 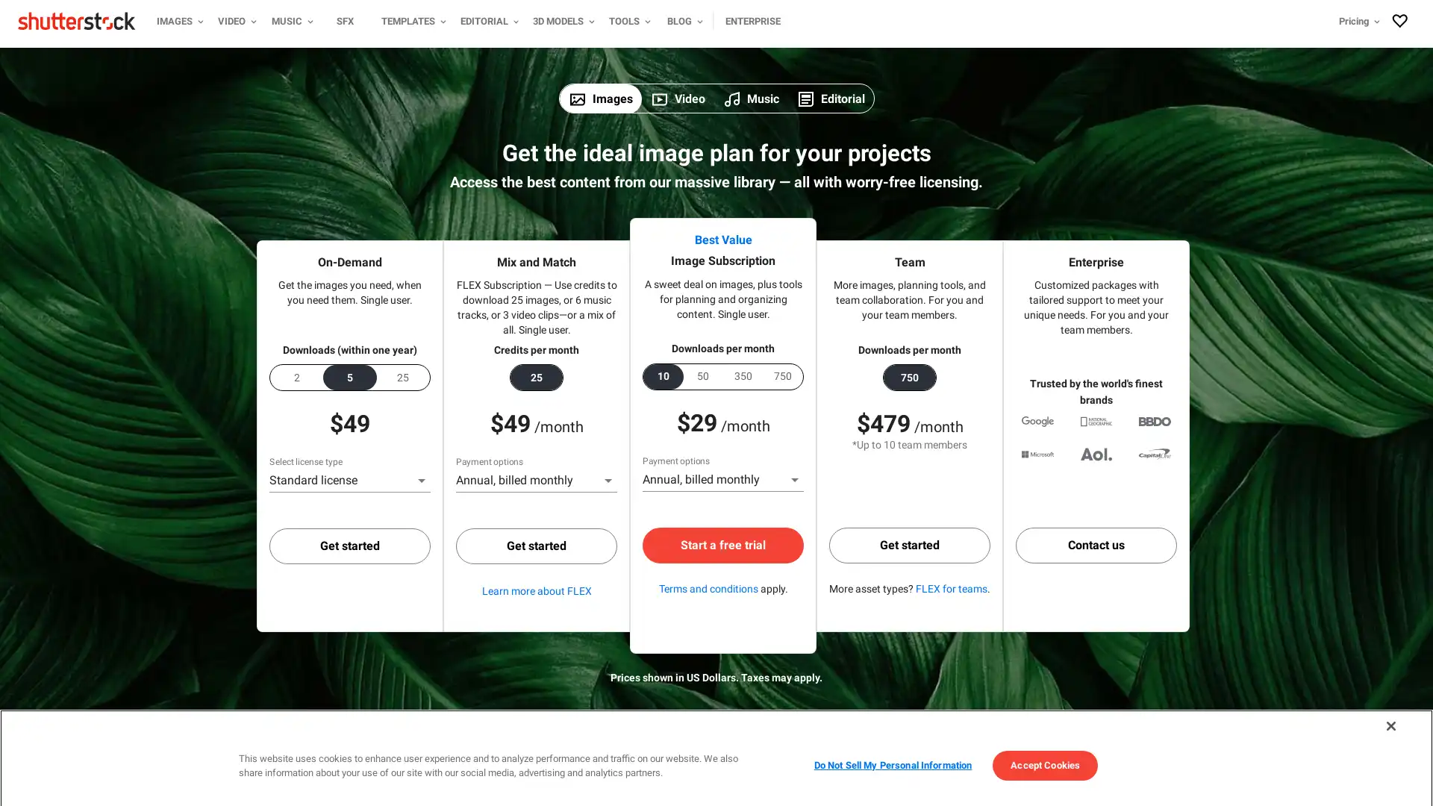 What do you see at coordinates (1390, 710) in the screenshot?
I see `Close` at bounding box center [1390, 710].